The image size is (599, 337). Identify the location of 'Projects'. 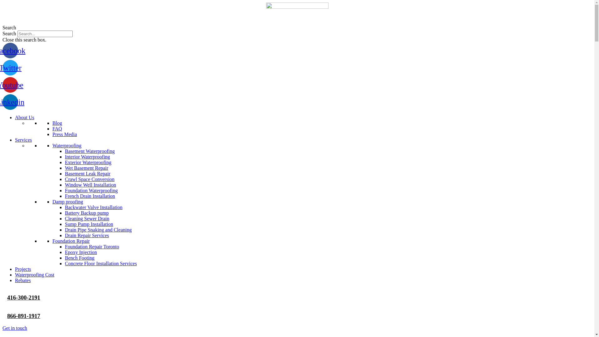
(23, 269).